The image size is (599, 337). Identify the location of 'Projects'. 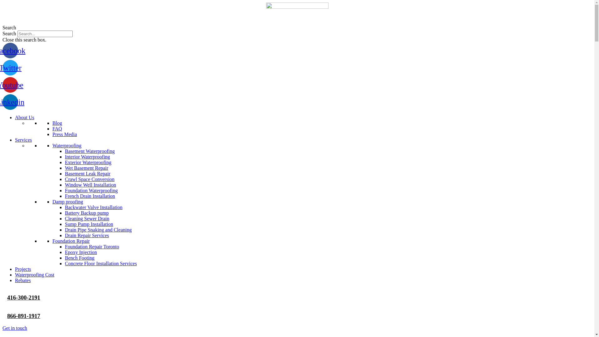
(23, 269).